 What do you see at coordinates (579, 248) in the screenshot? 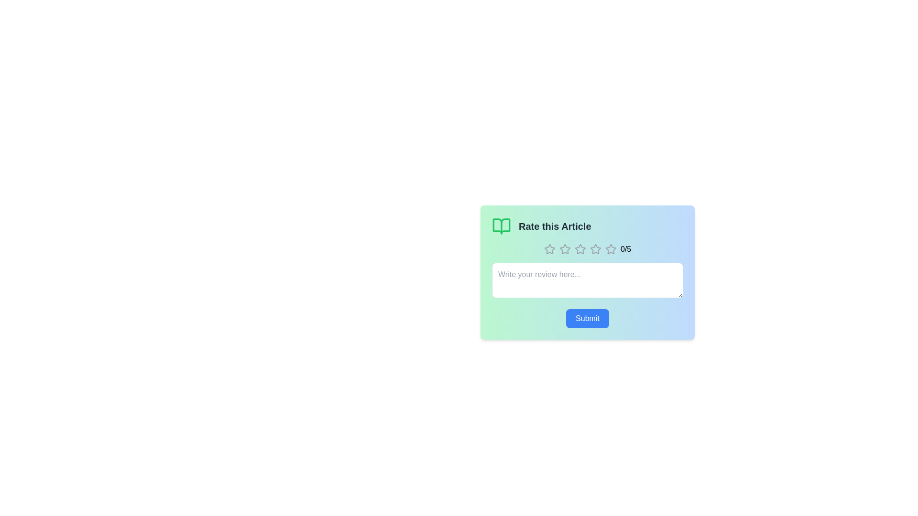
I see `the star corresponding to the rating 3` at bounding box center [579, 248].